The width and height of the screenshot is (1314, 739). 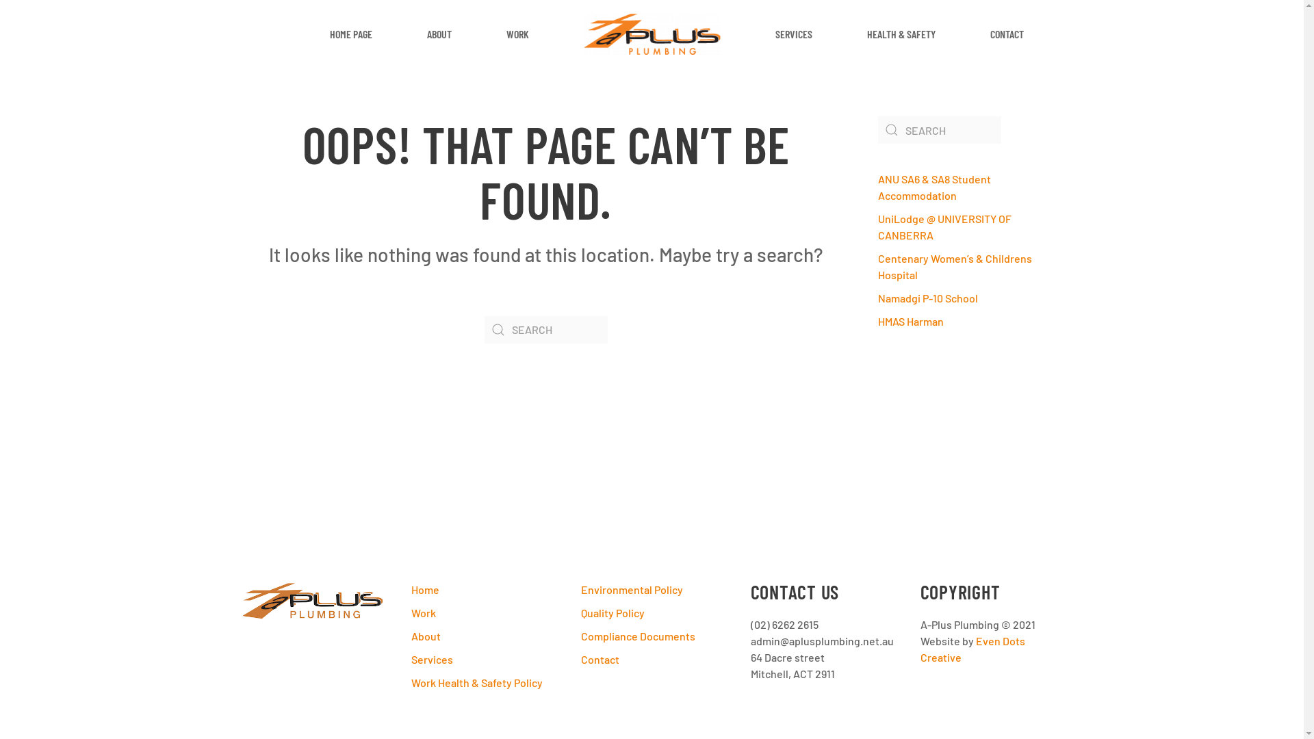 What do you see at coordinates (482, 588) in the screenshot?
I see `'Home'` at bounding box center [482, 588].